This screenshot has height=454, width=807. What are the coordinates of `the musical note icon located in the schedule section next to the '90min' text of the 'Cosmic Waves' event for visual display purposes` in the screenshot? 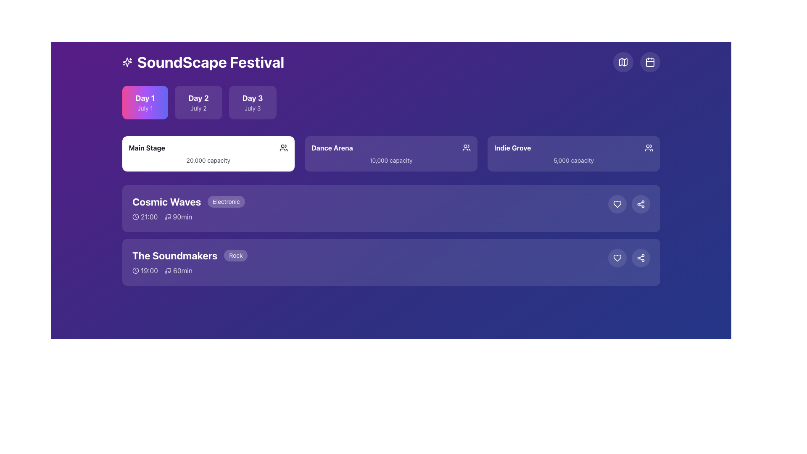 It's located at (167, 216).